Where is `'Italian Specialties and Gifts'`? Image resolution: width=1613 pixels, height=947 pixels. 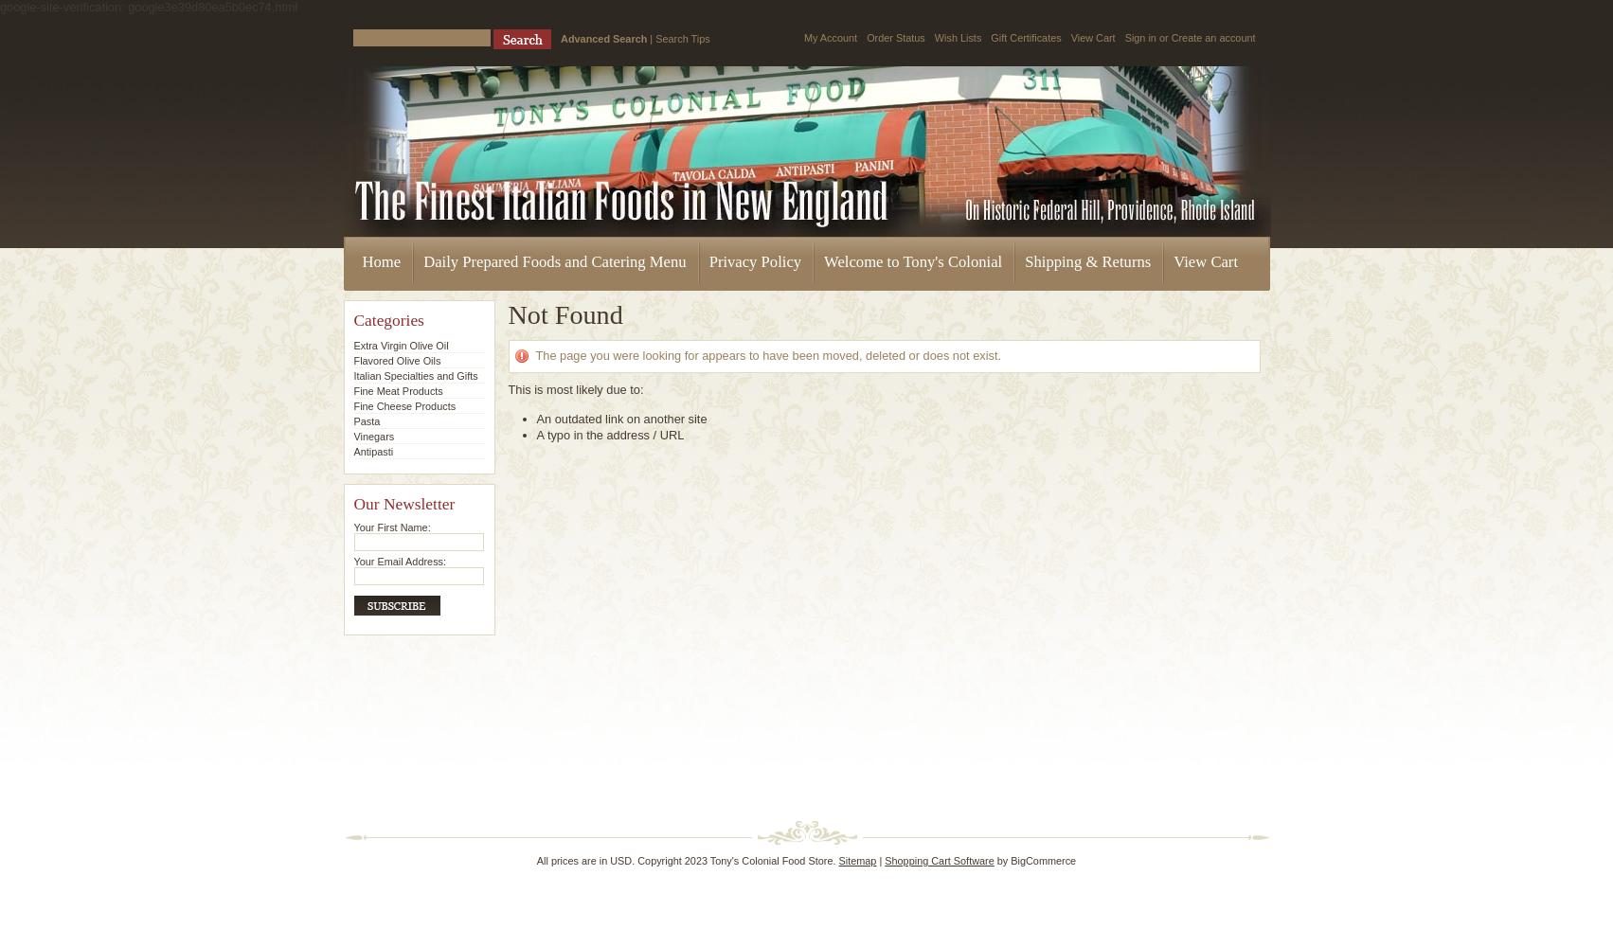
'Italian Specialties and Gifts' is located at coordinates (415, 376).